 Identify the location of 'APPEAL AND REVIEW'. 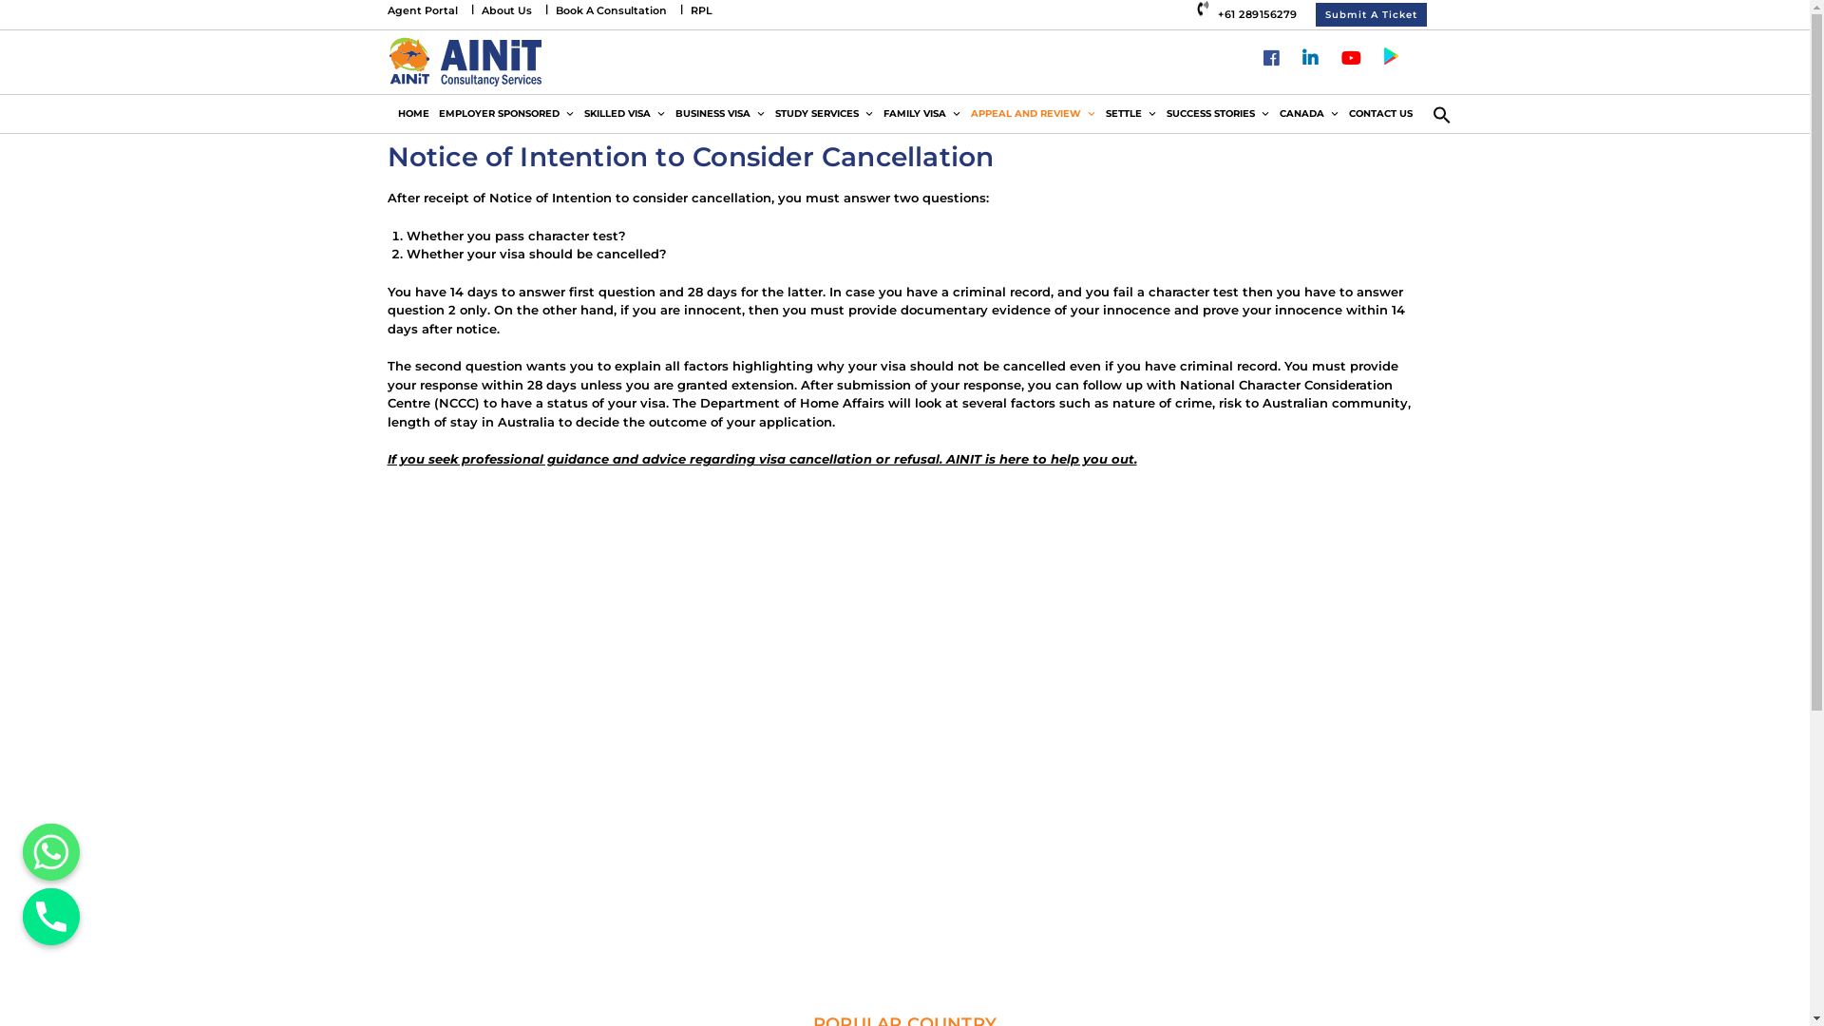
(1031, 113).